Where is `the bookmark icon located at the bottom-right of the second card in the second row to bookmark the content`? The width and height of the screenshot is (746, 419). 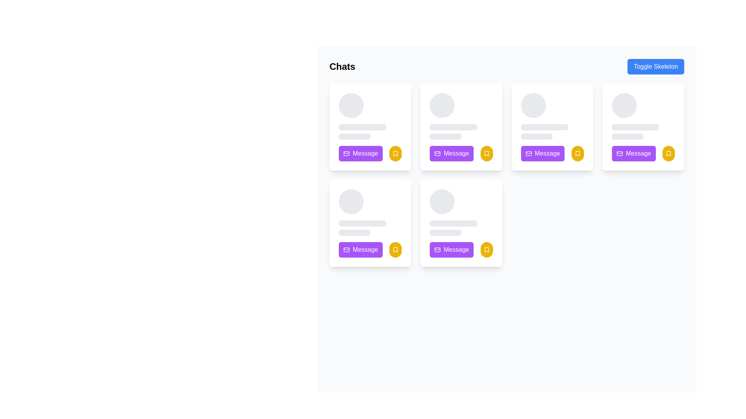
the bookmark icon located at the bottom-right of the second card in the second row to bookmark the content is located at coordinates (396, 250).